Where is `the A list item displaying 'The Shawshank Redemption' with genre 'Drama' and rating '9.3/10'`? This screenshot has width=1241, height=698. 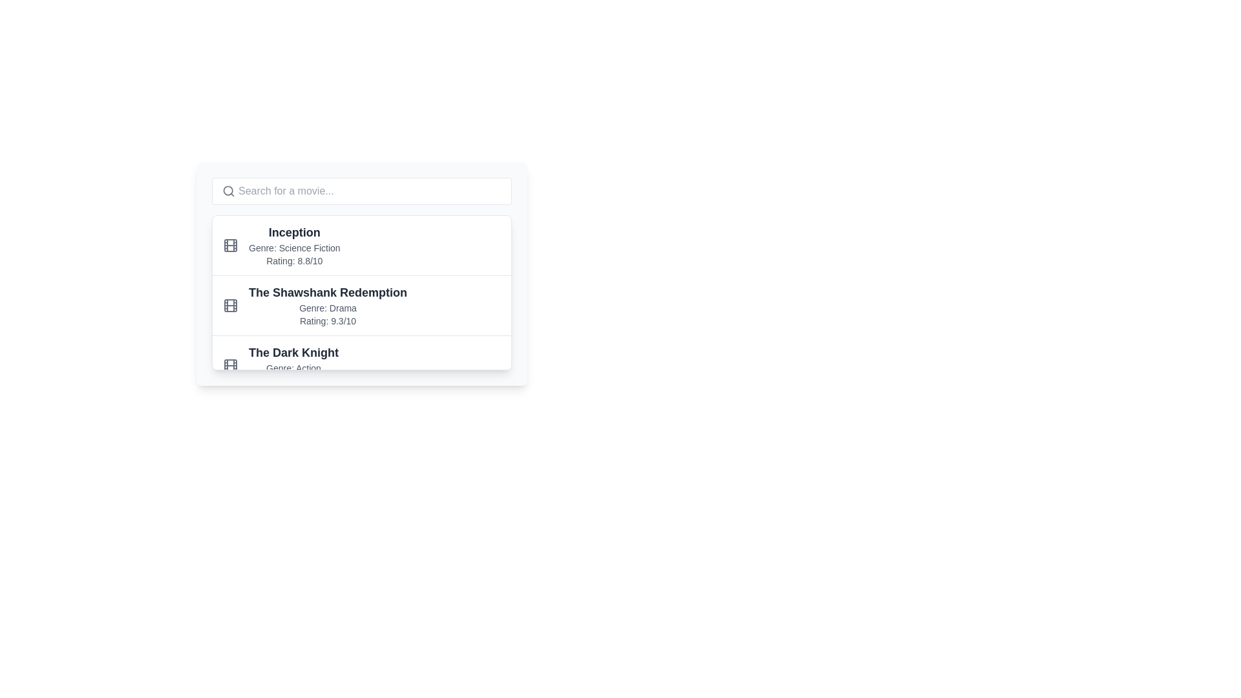 the A list item displaying 'The Shawshank Redemption' with genre 'Drama' and rating '9.3/10' is located at coordinates (362, 305).